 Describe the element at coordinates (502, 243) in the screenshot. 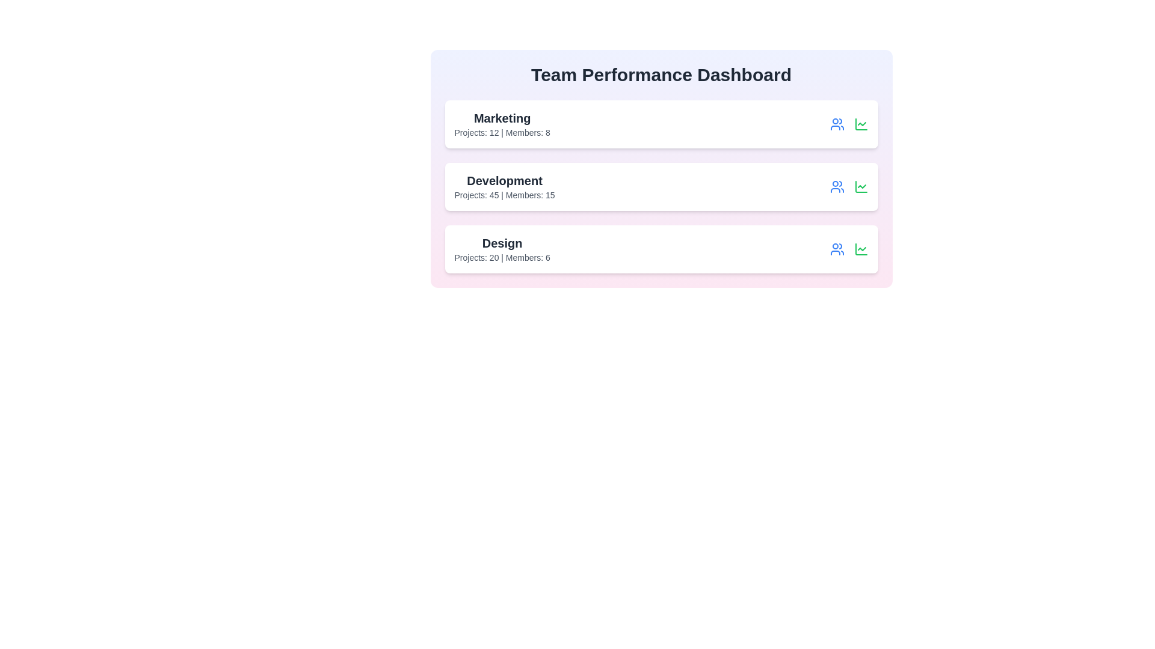

I see `the name of the team Design to view its details` at that location.